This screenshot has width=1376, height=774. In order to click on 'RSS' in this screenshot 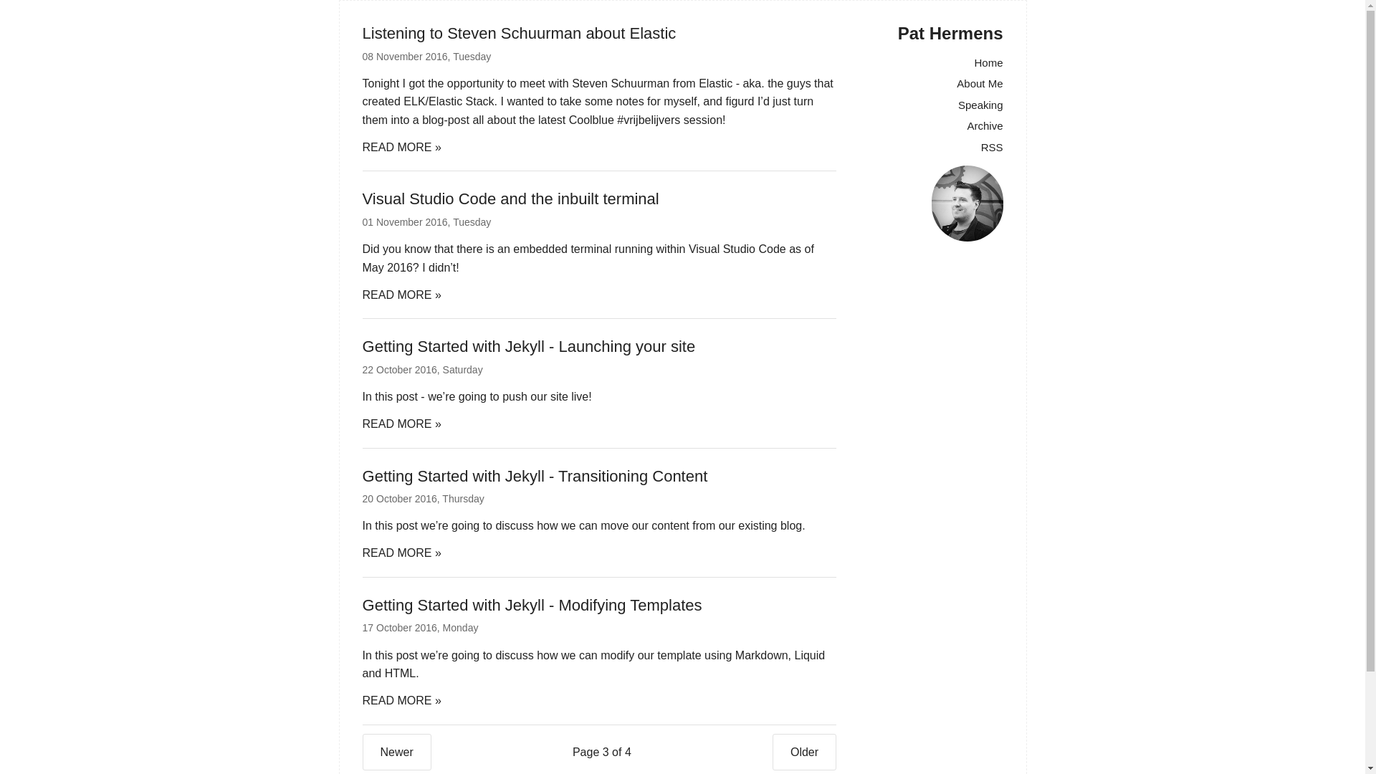, I will do `click(991, 147)`.